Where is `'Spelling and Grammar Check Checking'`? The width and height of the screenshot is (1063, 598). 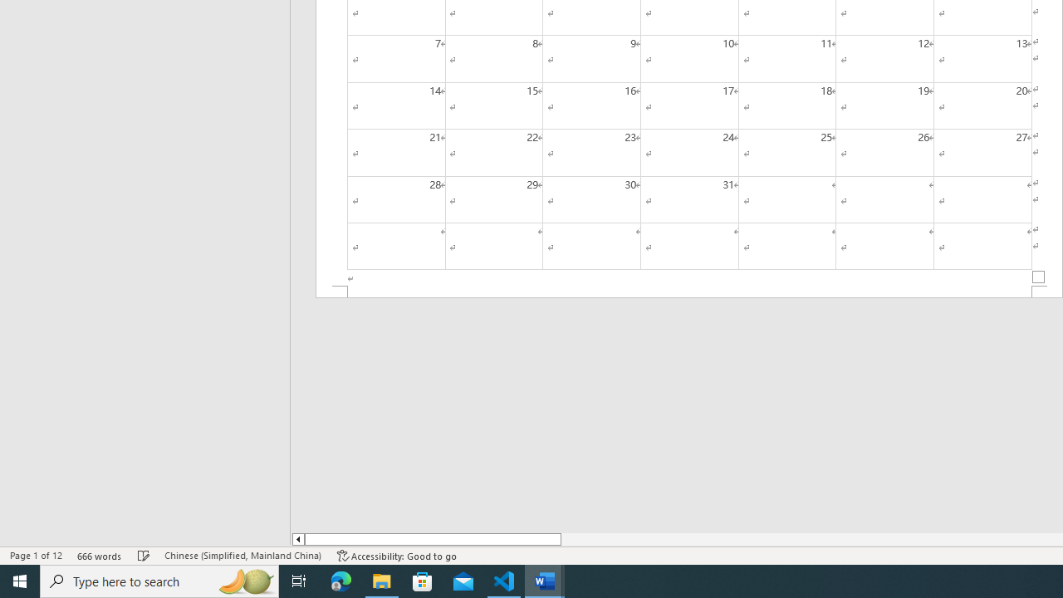
'Spelling and Grammar Check Checking' is located at coordinates (144, 556).